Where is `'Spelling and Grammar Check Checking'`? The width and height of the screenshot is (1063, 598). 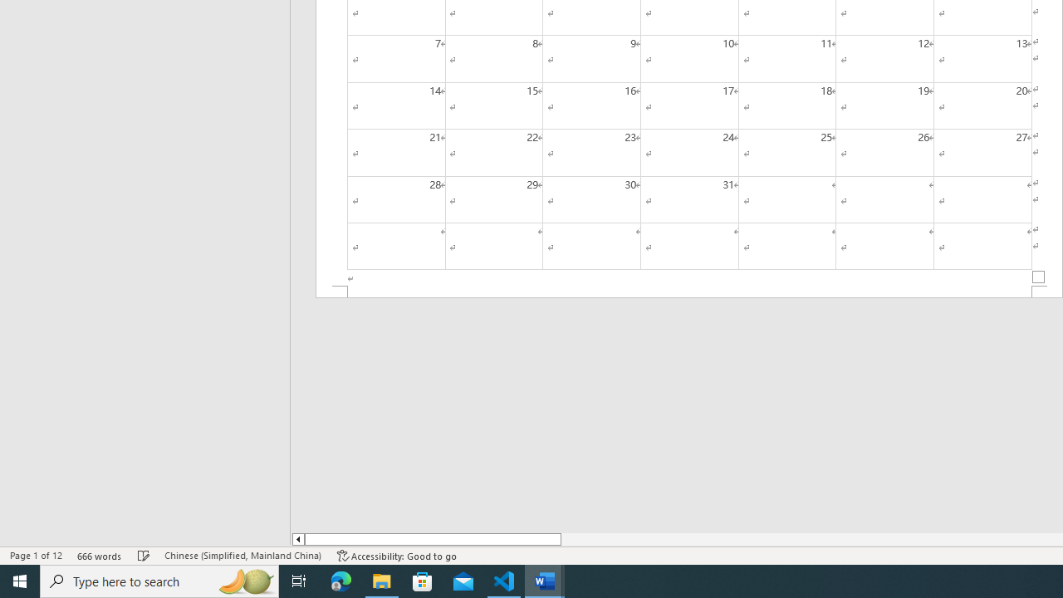
'Spelling and Grammar Check Checking' is located at coordinates (144, 556).